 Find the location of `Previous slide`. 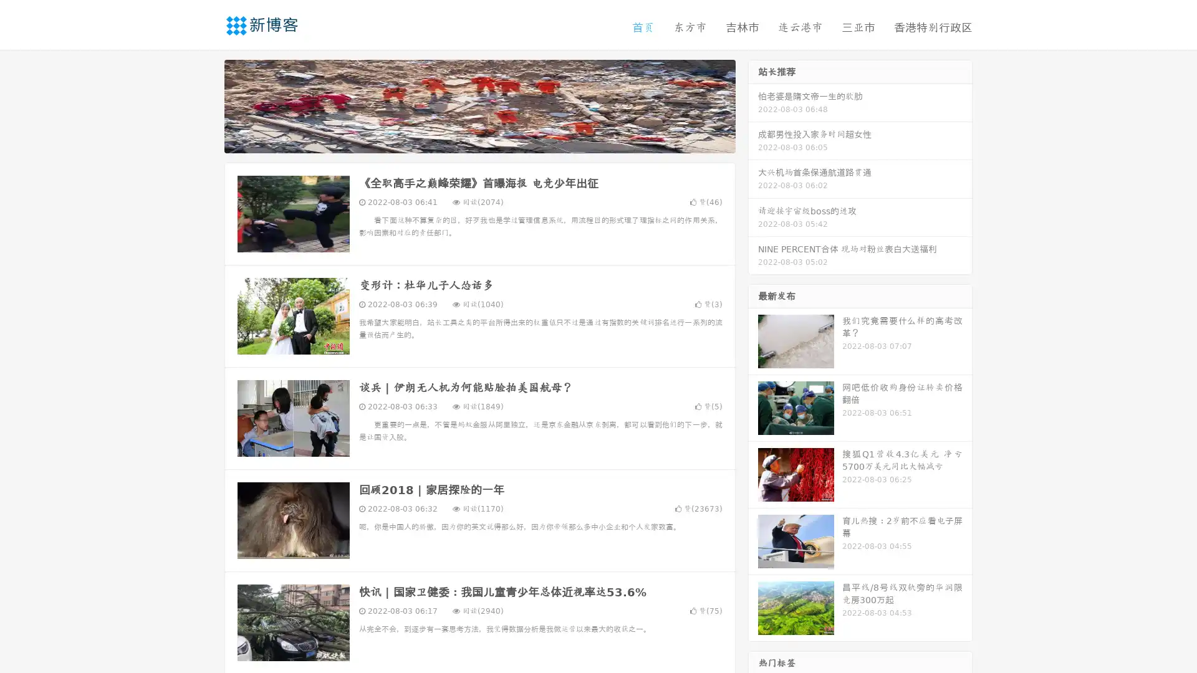

Previous slide is located at coordinates (206, 105).